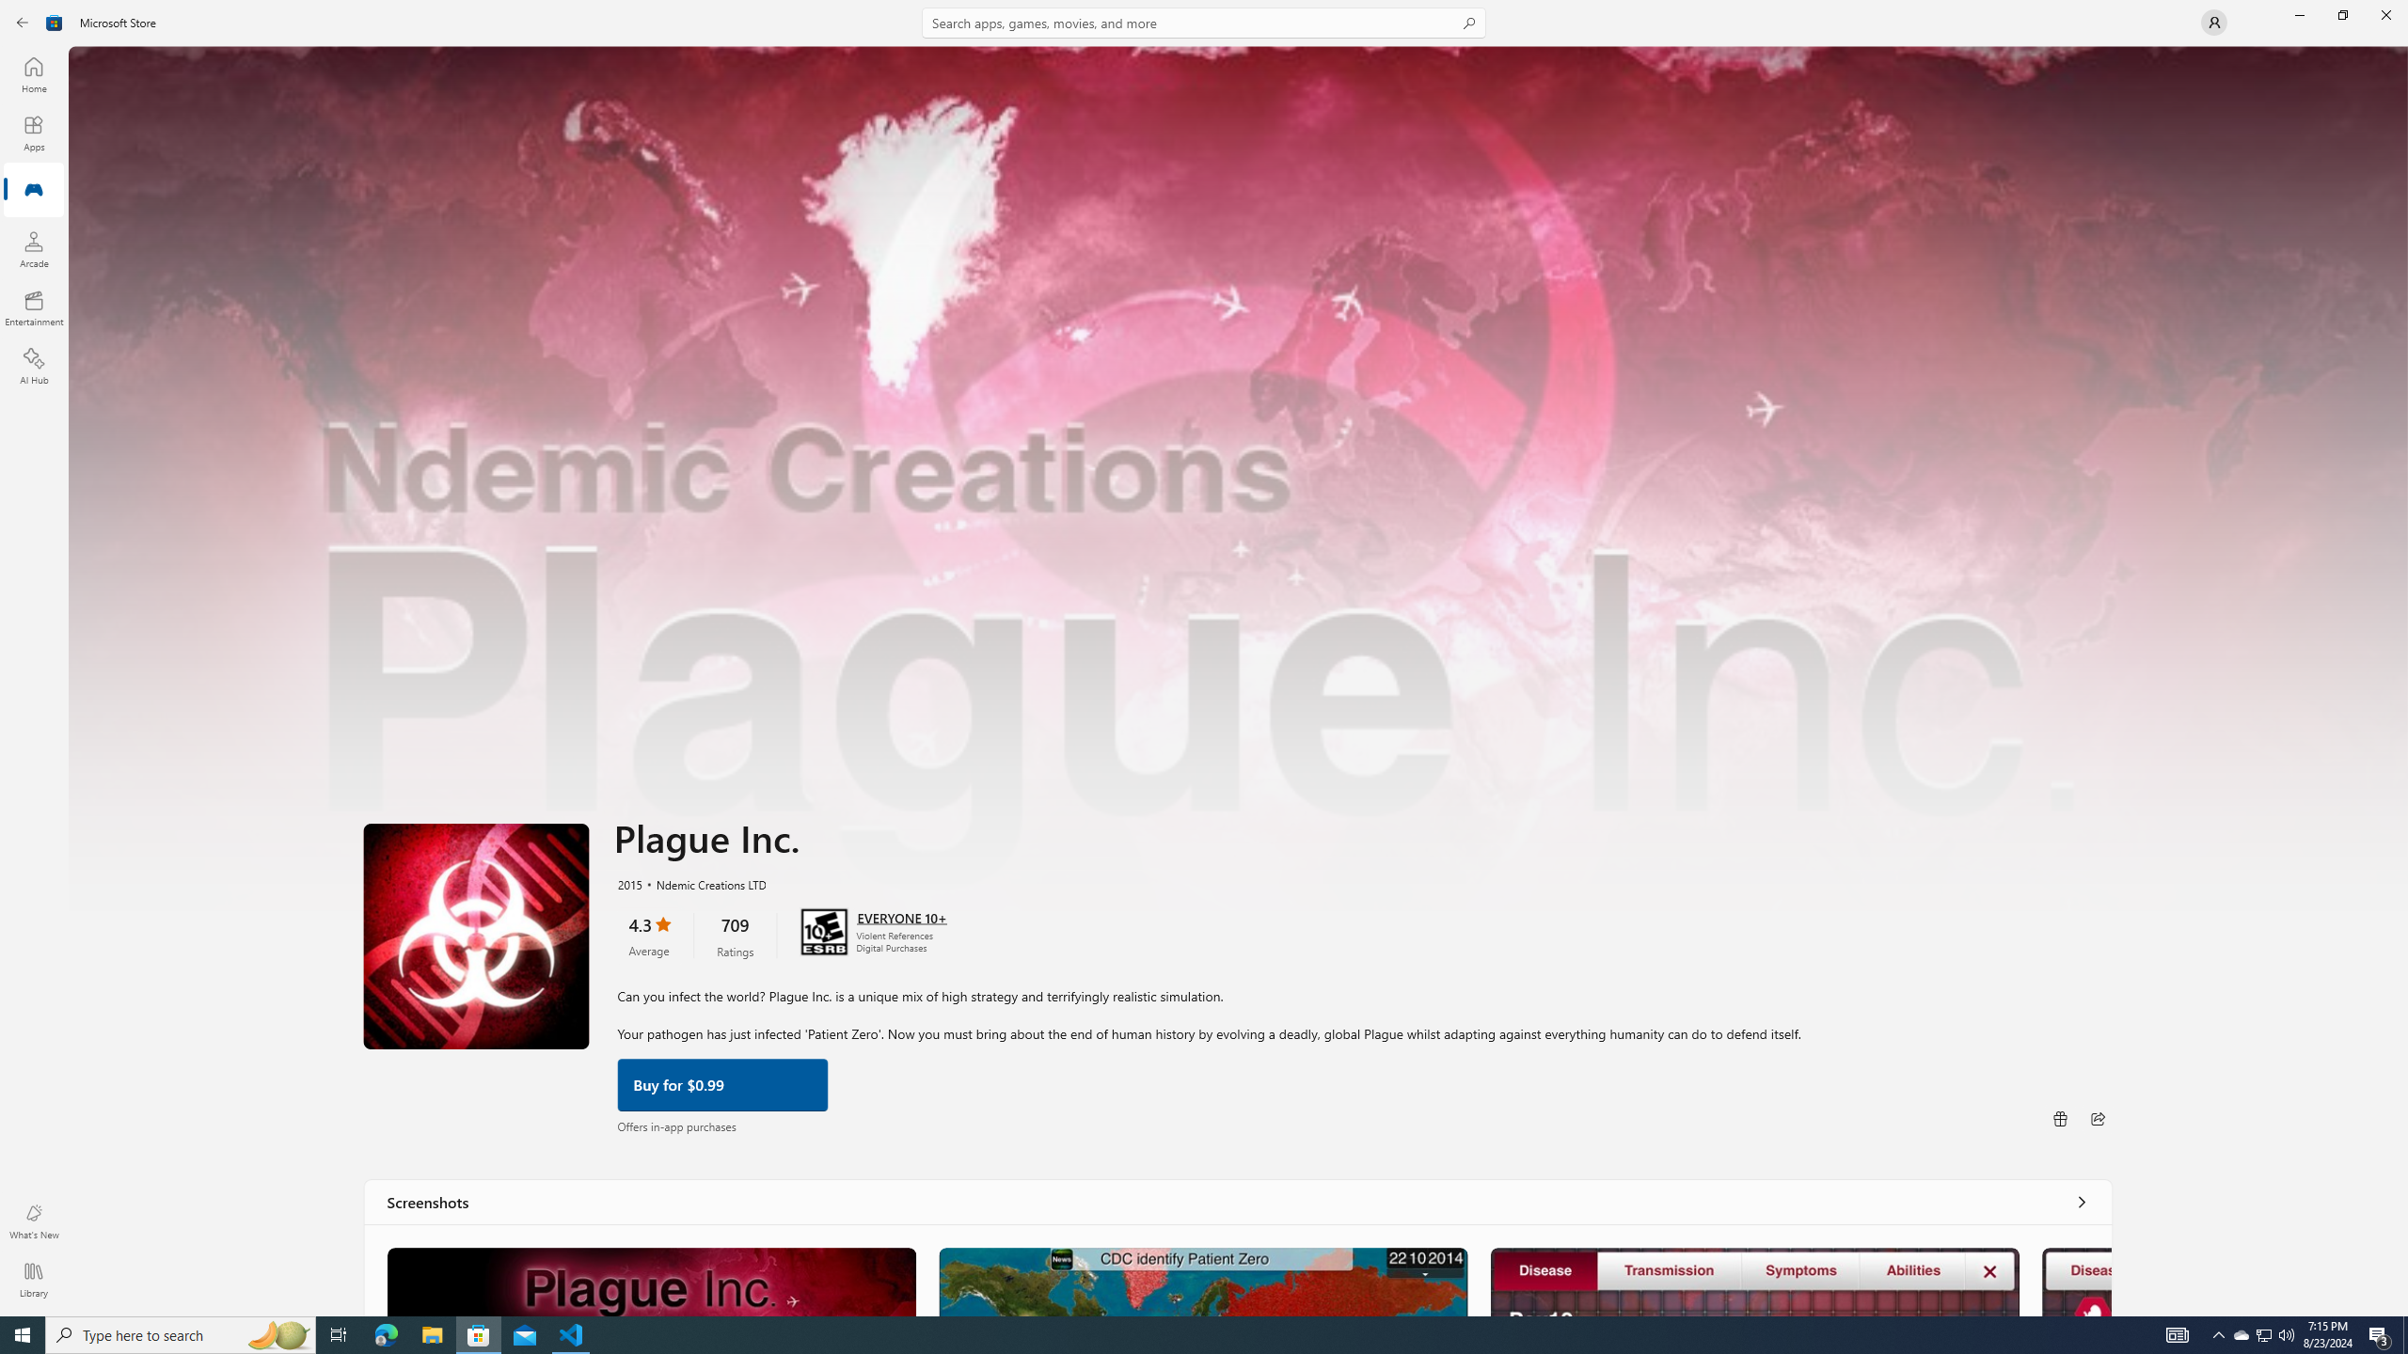 This screenshot has height=1354, width=2408. Describe the element at coordinates (1204, 22) in the screenshot. I see `'Search'` at that location.